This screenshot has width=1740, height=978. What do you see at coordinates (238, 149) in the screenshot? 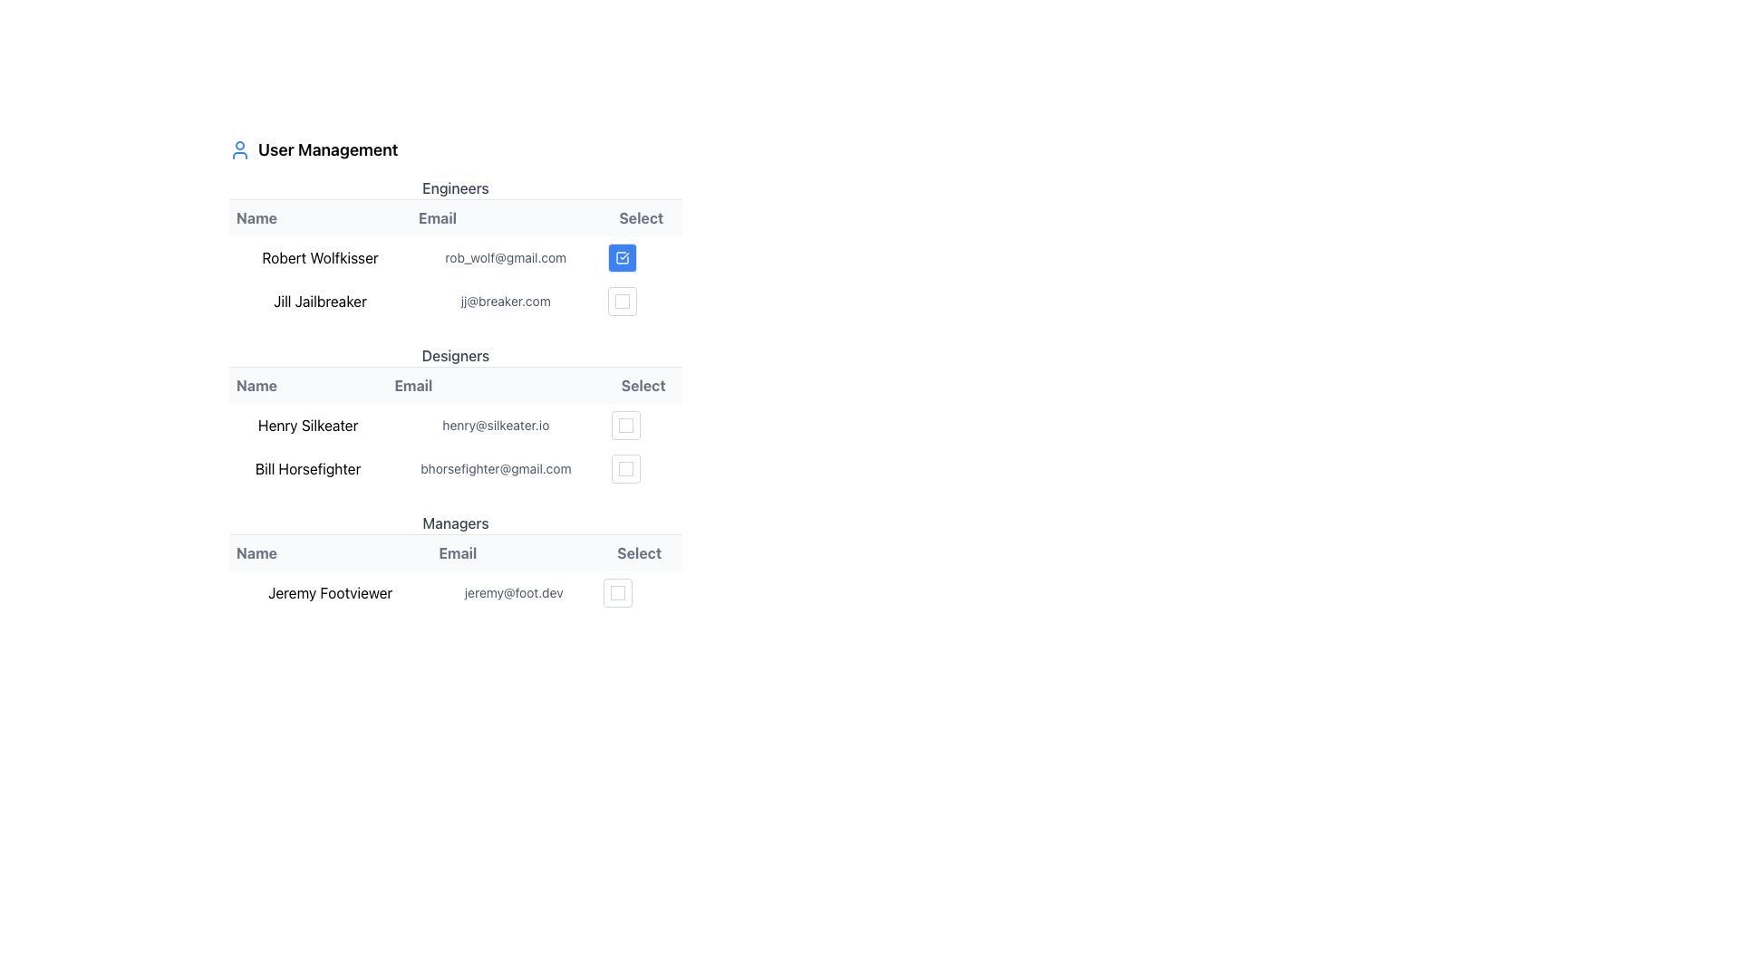
I see `the decorative user icon located at the top left corner adjacent to the 'User Management' text` at bounding box center [238, 149].